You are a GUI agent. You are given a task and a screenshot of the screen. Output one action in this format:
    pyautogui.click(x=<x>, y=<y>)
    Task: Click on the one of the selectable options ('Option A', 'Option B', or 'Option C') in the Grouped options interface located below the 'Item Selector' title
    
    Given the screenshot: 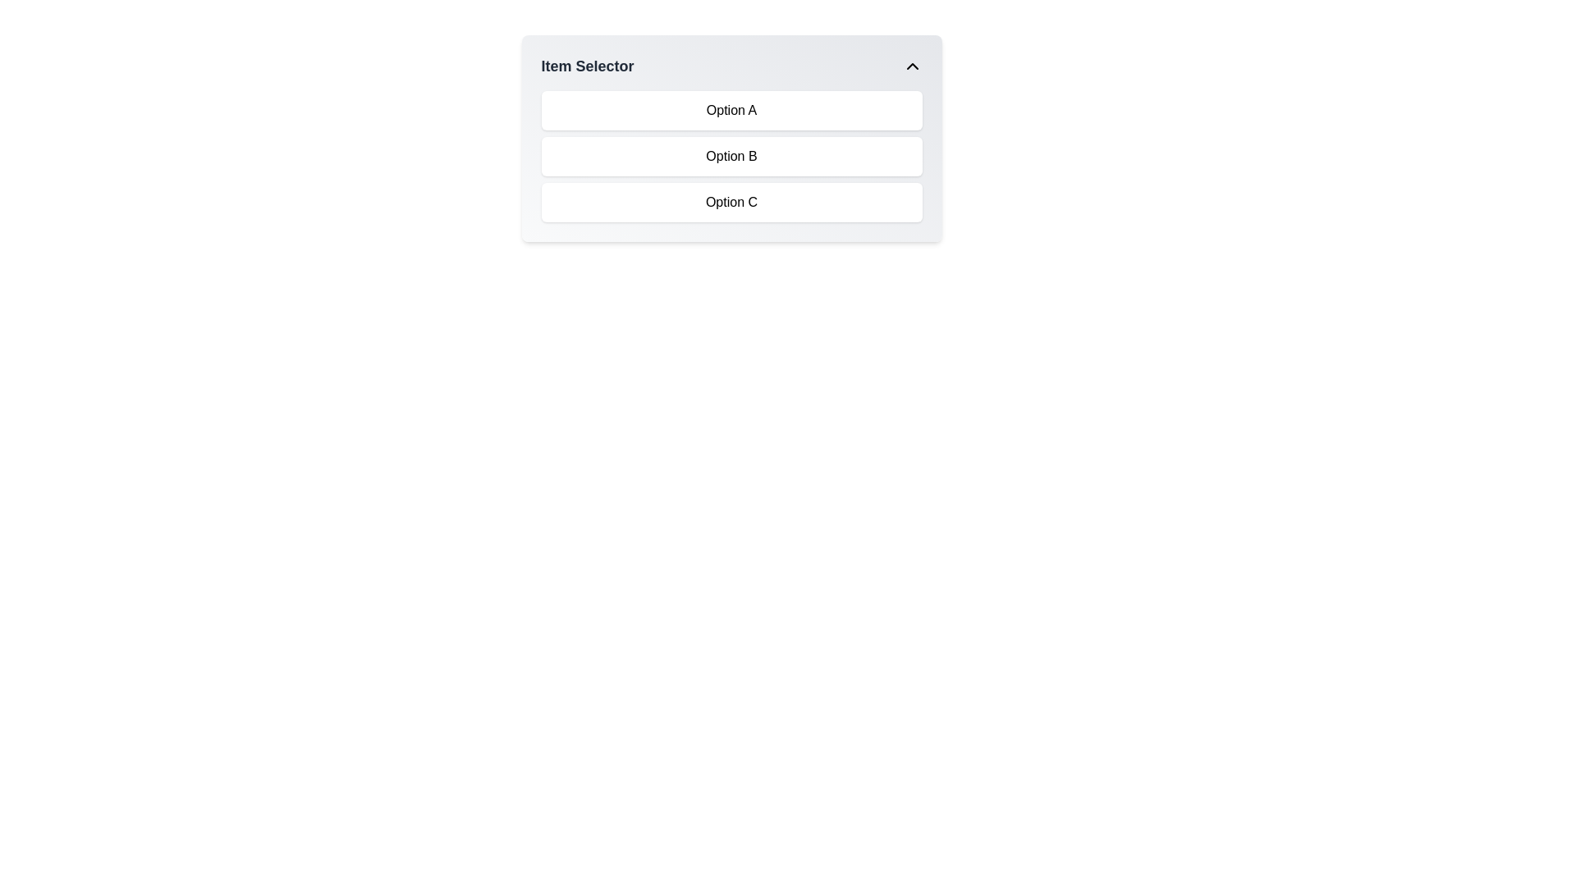 What is the action you would take?
    pyautogui.click(x=731, y=157)
    